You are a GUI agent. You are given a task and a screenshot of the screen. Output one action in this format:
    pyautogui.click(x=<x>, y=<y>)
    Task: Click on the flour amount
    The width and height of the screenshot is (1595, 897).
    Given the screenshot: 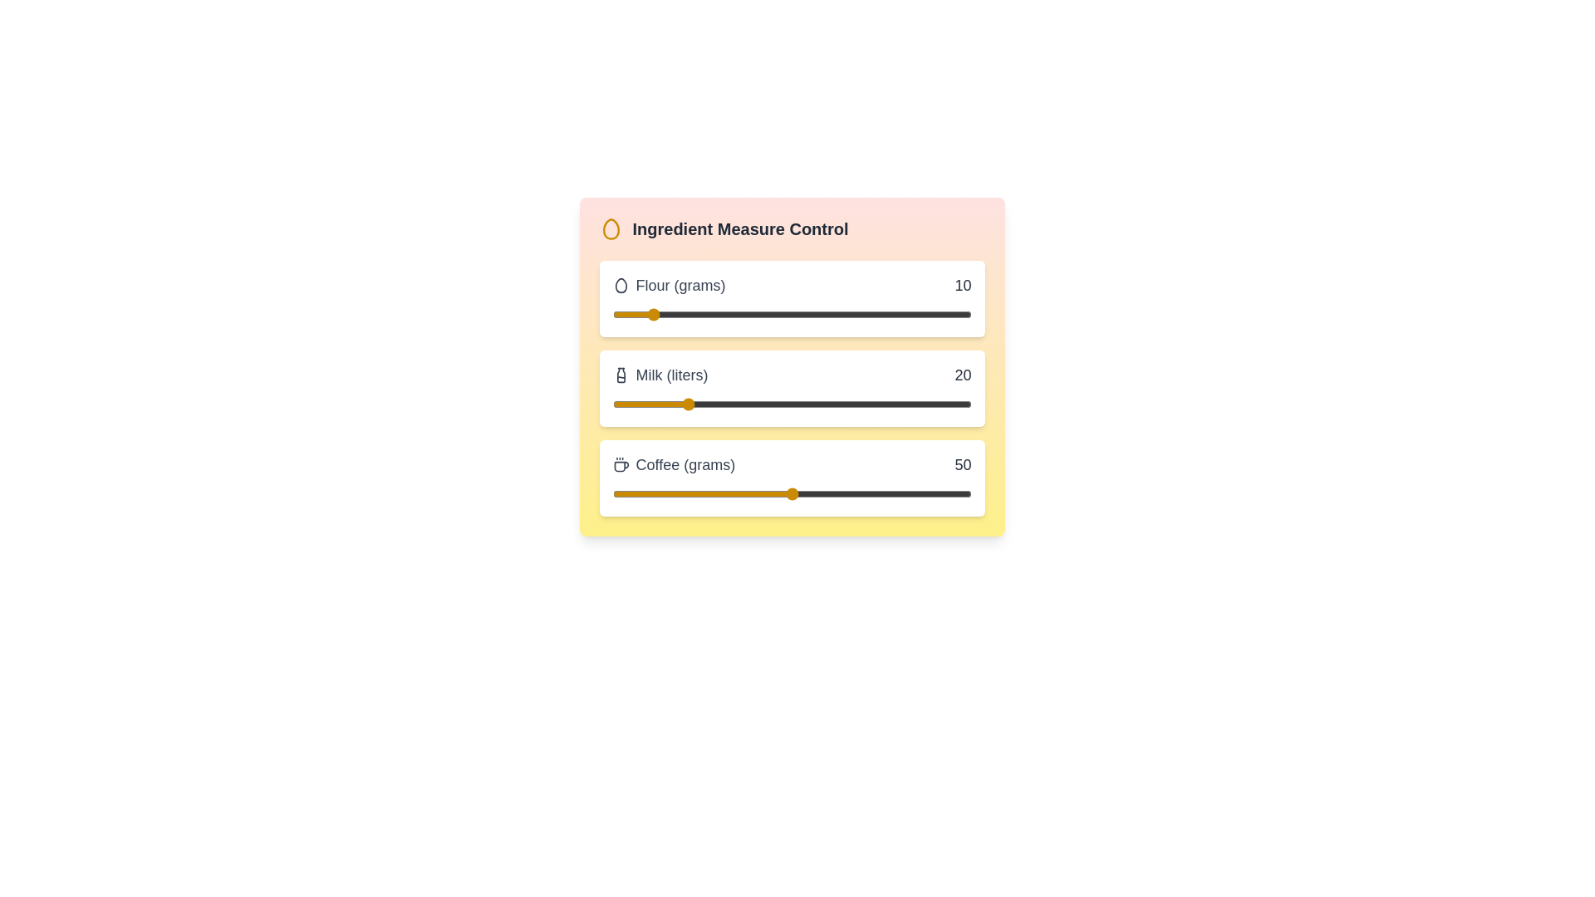 What is the action you would take?
    pyautogui.click(x=744, y=314)
    